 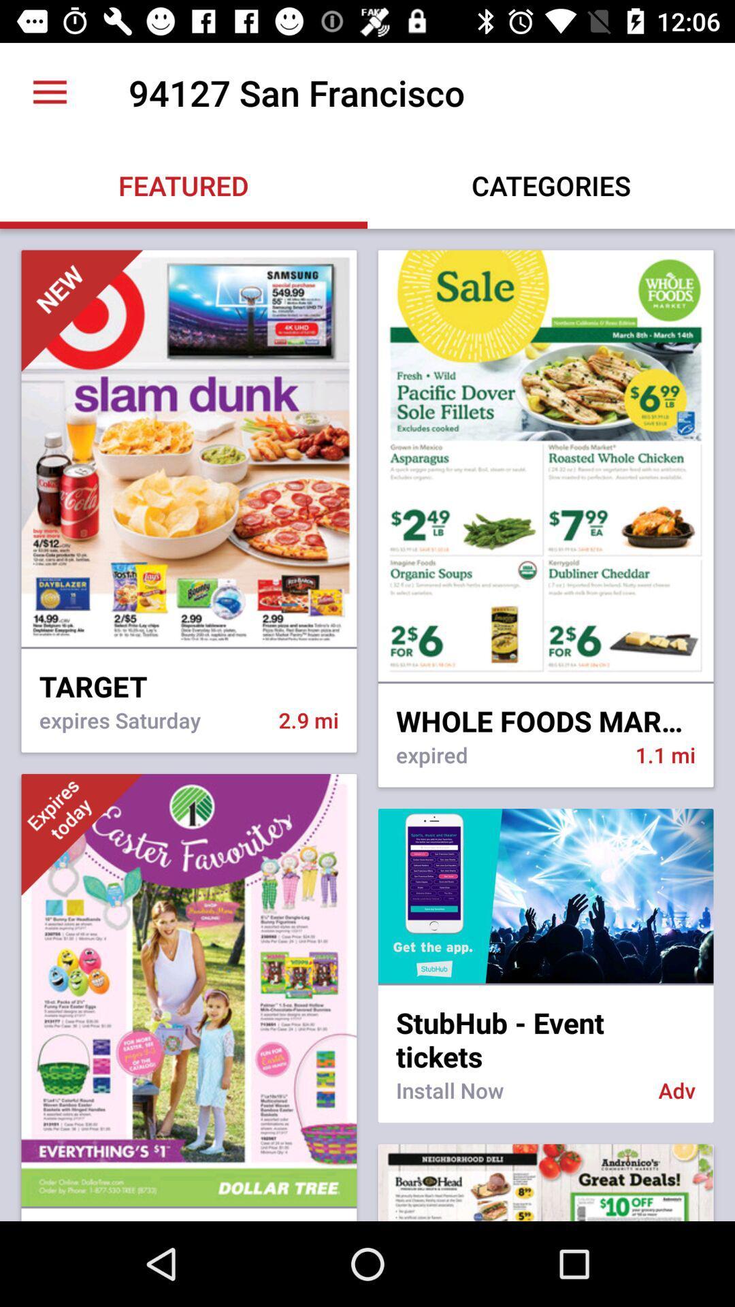 What do you see at coordinates (189, 990) in the screenshot?
I see `the third image` at bounding box center [189, 990].